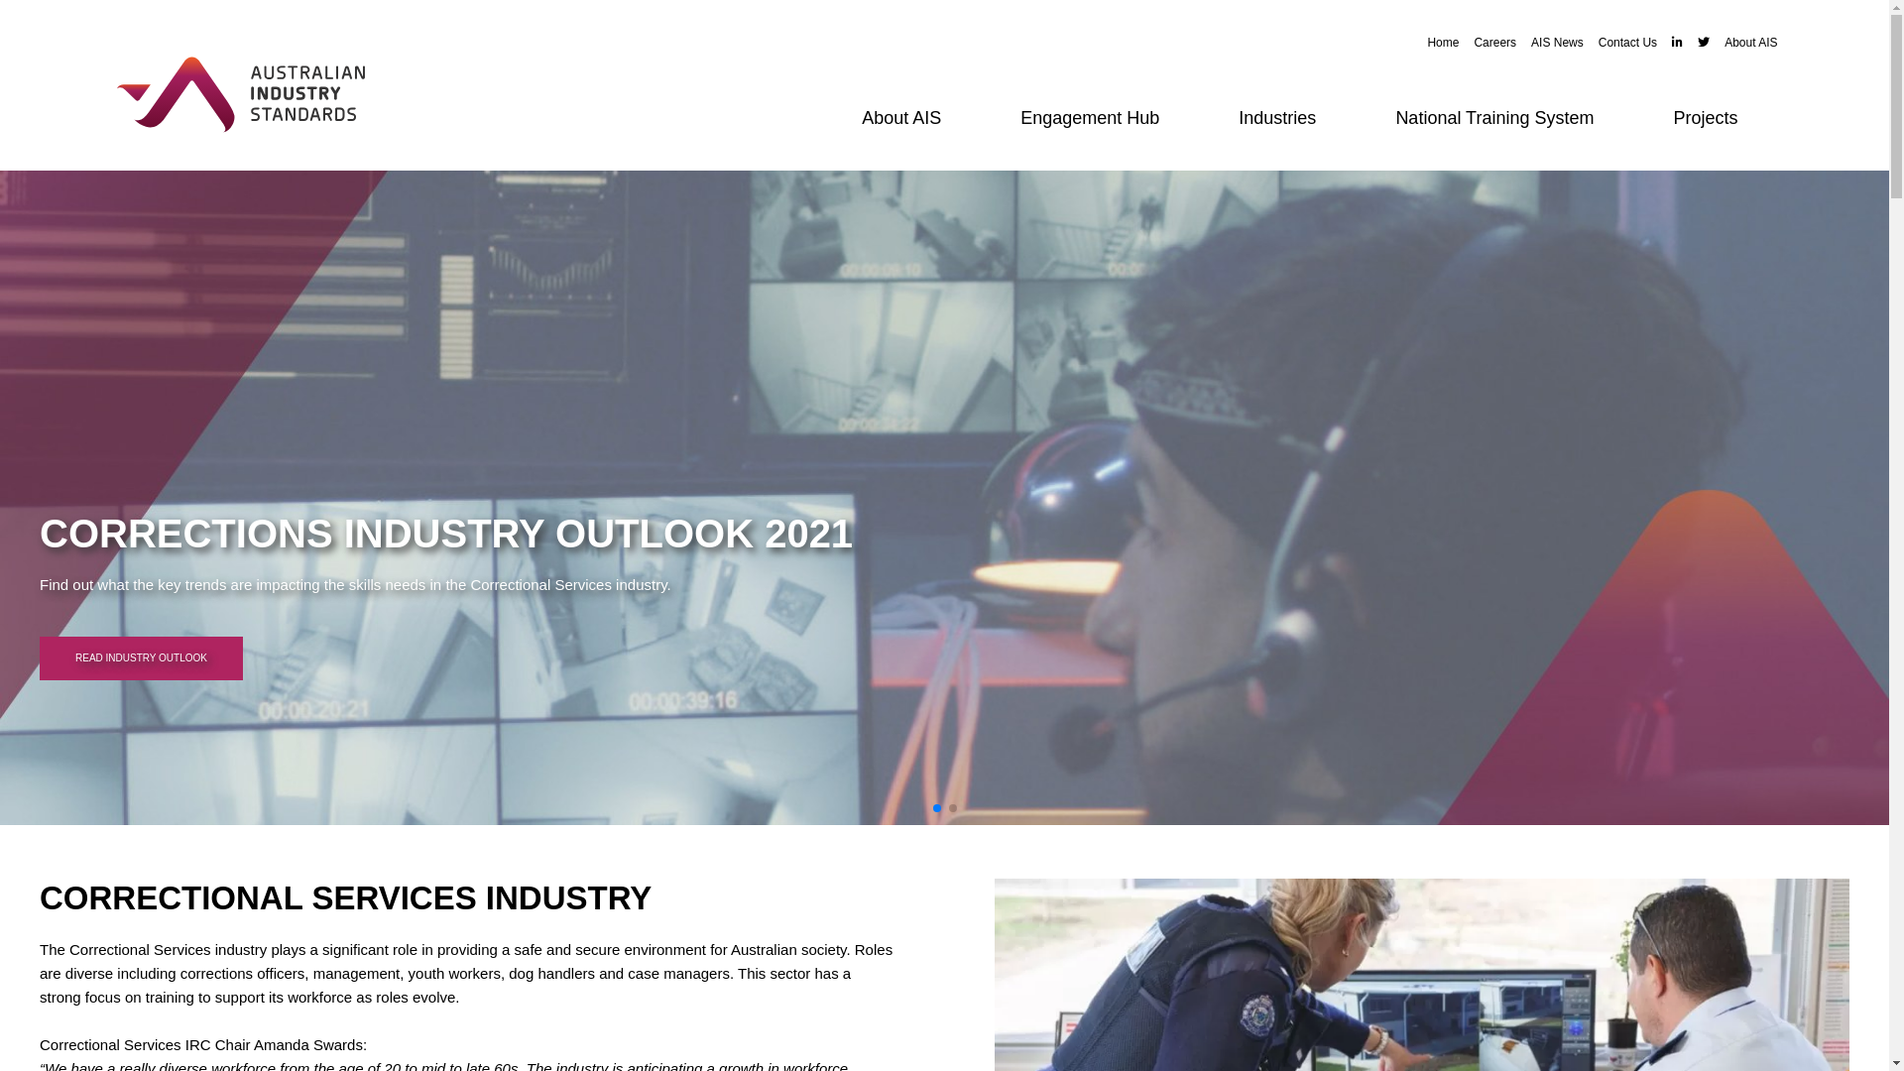 This screenshot has width=1904, height=1071. What do you see at coordinates (1632, 118) in the screenshot?
I see `'Projects'` at bounding box center [1632, 118].